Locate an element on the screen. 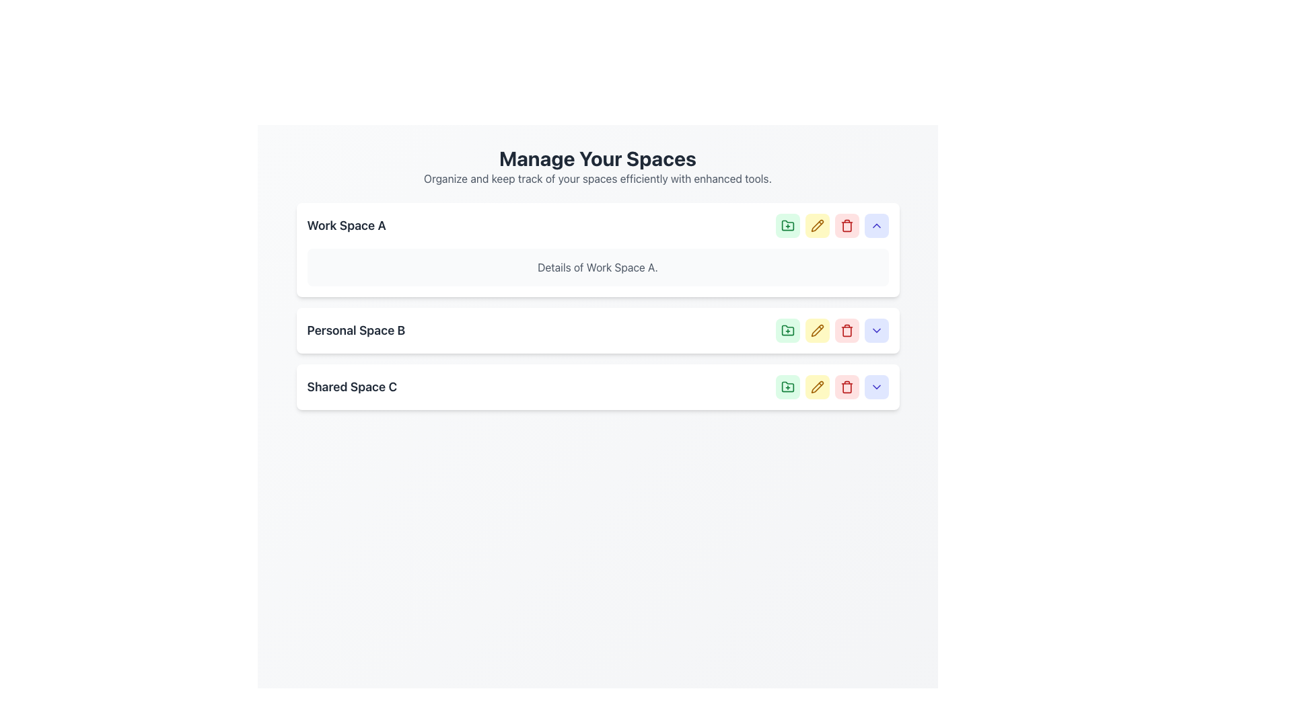 This screenshot has height=726, width=1292. the edit tool icon located in the control section of the 'Work Space A' card to initiate editing is located at coordinates (816, 225).